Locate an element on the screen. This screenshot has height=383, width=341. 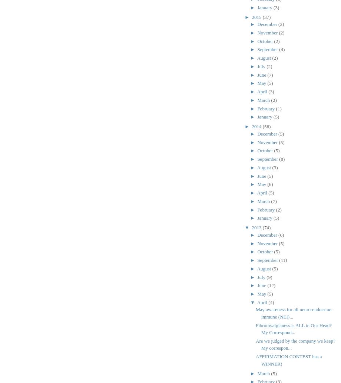
'May awareness for all neuro-endocrine-immune (NEI)...' is located at coordinates (294, 312).